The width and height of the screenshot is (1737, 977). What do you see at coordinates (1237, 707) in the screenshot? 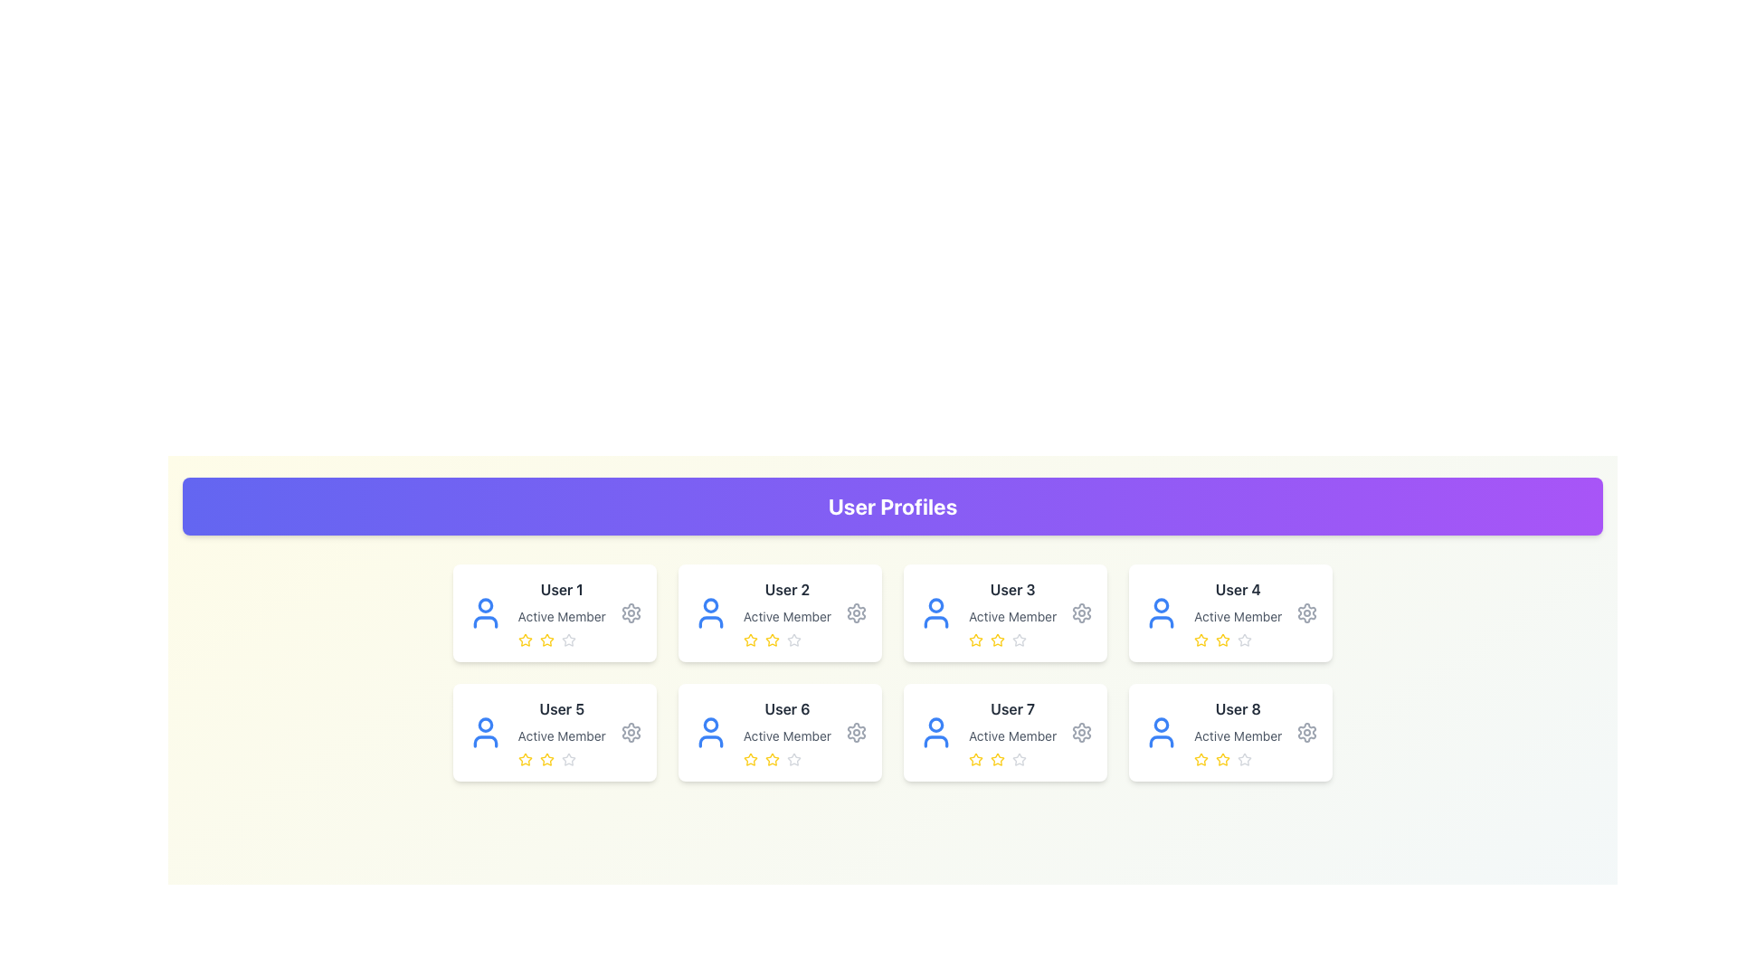
I see `the static text field displaying 'User 8' in a bold font, located at the top of the user profile card` at bounding box center [1237, 707].